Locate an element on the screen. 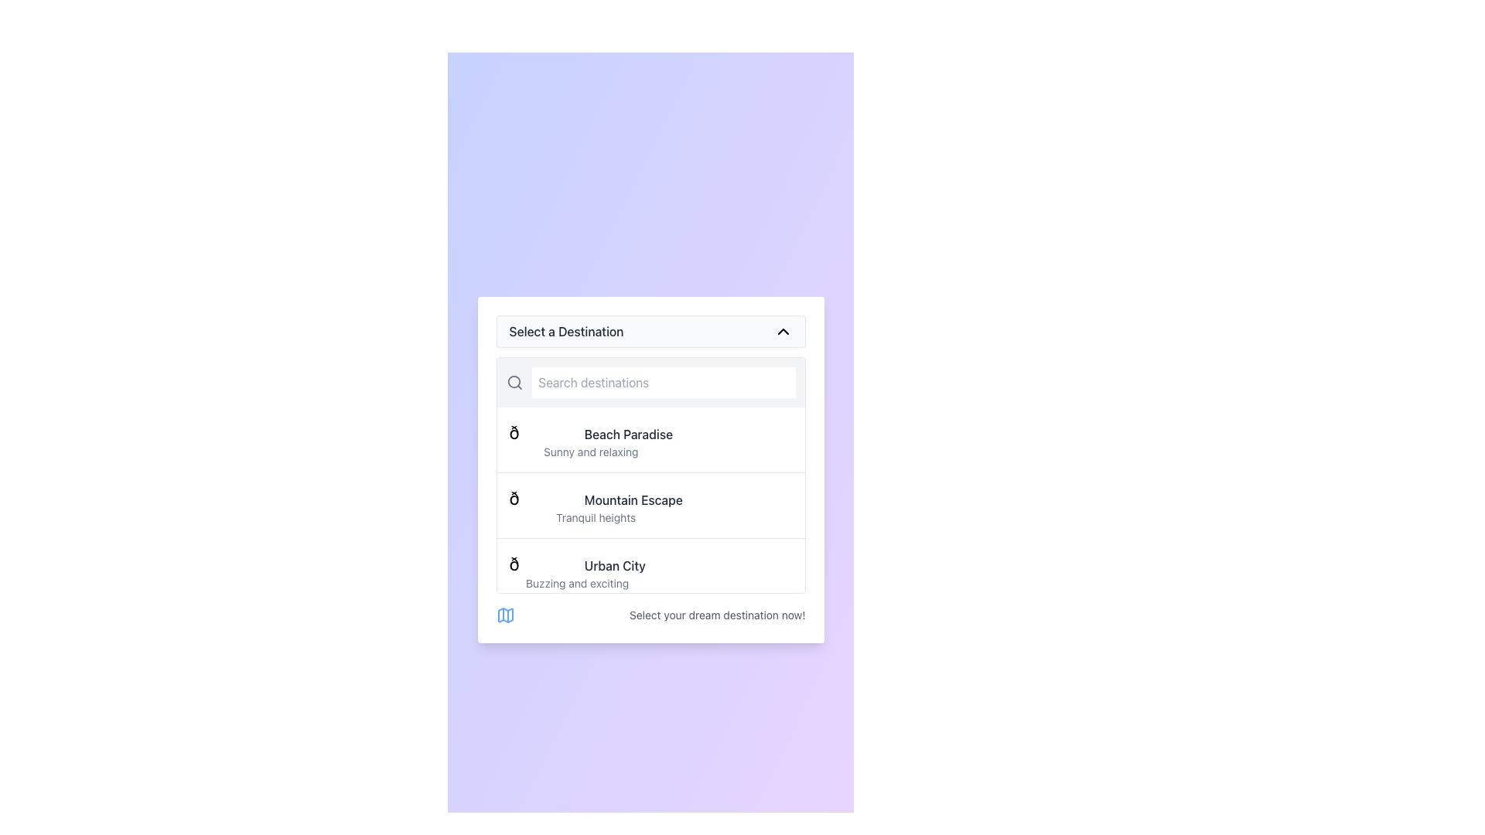 The height and width of the screenshot is (835, 1485). the List item labeled 'Mountain Escape' is located at coordinates (595, 506).